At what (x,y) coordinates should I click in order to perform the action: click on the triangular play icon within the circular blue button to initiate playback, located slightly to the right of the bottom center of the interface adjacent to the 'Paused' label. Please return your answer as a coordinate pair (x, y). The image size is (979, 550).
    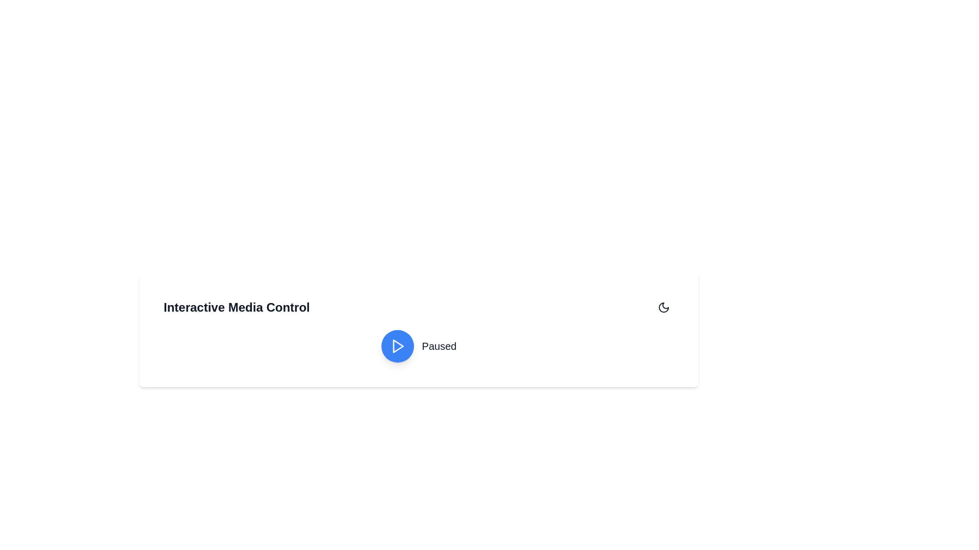
    Looking at the image, I should click on (397, 345).